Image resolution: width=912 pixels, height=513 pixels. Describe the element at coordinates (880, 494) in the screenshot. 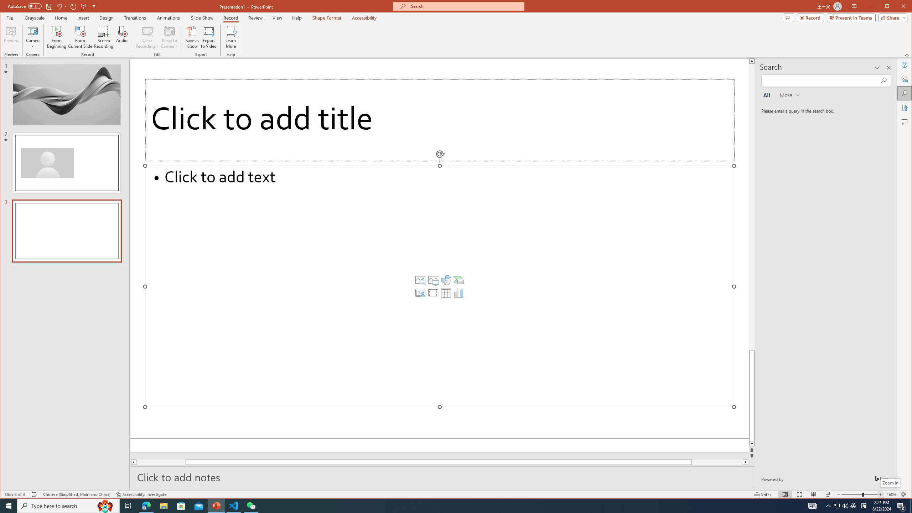

I see `'Zoom In'` at that location.